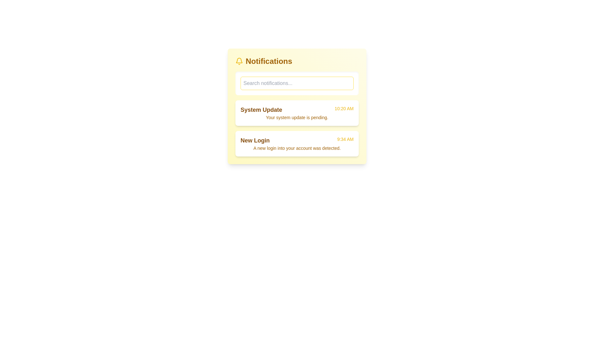  Describe the element at coordinates (297, 83) in the screenshot. I see `the search input field to focus on it` at that location.